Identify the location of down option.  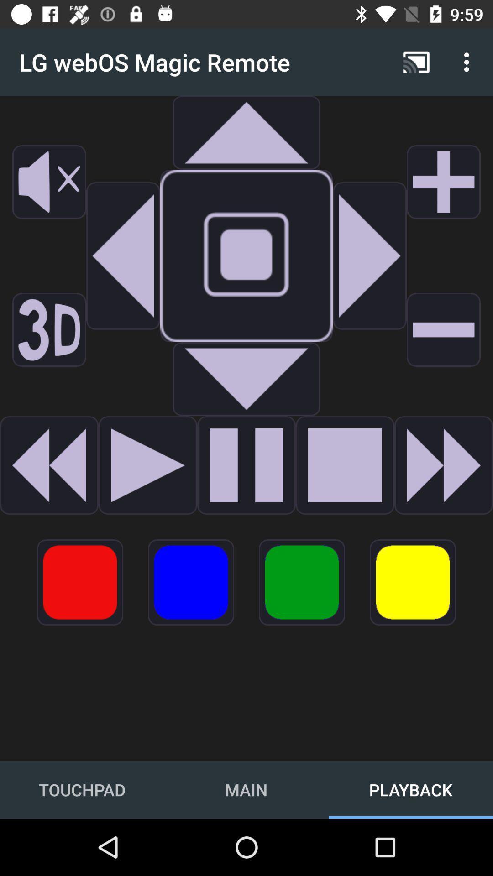
(246, 379).